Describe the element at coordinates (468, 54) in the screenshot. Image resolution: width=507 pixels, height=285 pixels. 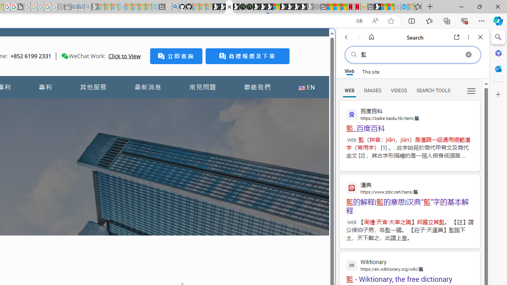
I see `'Clear'` at that location.